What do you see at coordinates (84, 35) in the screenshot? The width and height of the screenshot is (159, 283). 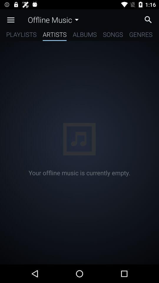 I see `the item next to the songs` at bounding box center [84, 35].